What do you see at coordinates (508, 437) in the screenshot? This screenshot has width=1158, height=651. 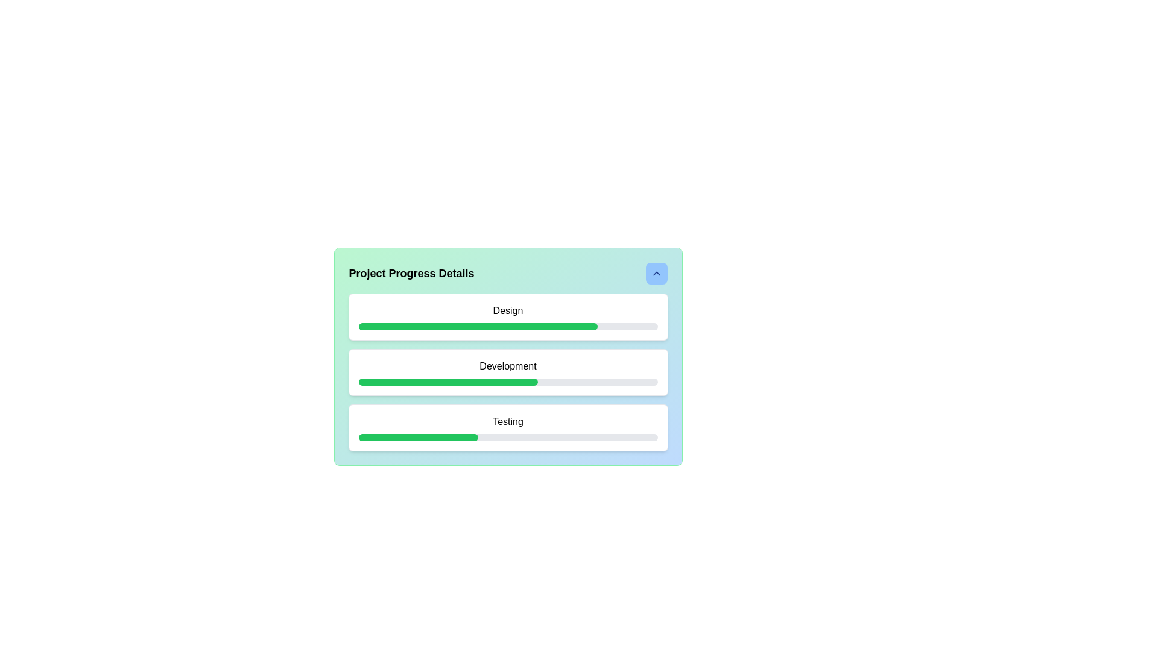 I see `the position of the progress bar component labeled 'Testing', which is a horizontal bar styled with a light gray background and a green segment indicating 40% progress` at bounding box center [508, 437].